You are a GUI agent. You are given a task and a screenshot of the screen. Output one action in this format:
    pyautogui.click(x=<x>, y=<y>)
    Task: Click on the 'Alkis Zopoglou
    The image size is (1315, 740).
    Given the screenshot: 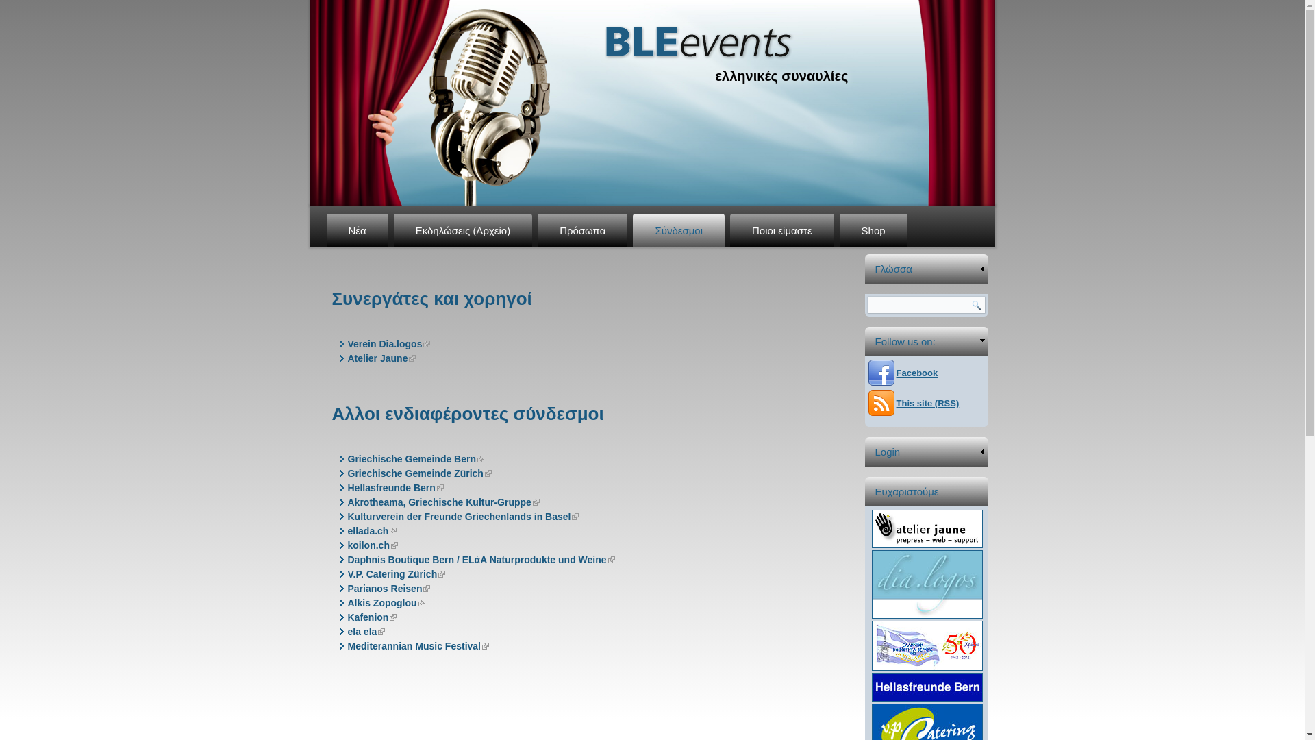 What is the action you would take?
    pyautogui.click(x=386, y=602)
    